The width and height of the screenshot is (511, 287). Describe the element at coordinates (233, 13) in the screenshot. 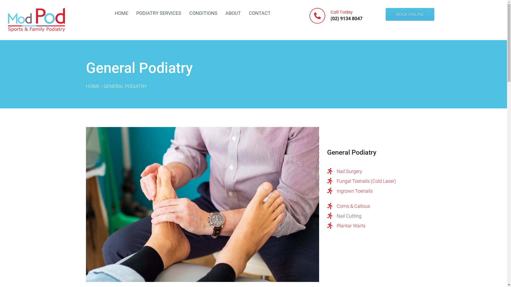

I see `'ABOUT'` at that location.